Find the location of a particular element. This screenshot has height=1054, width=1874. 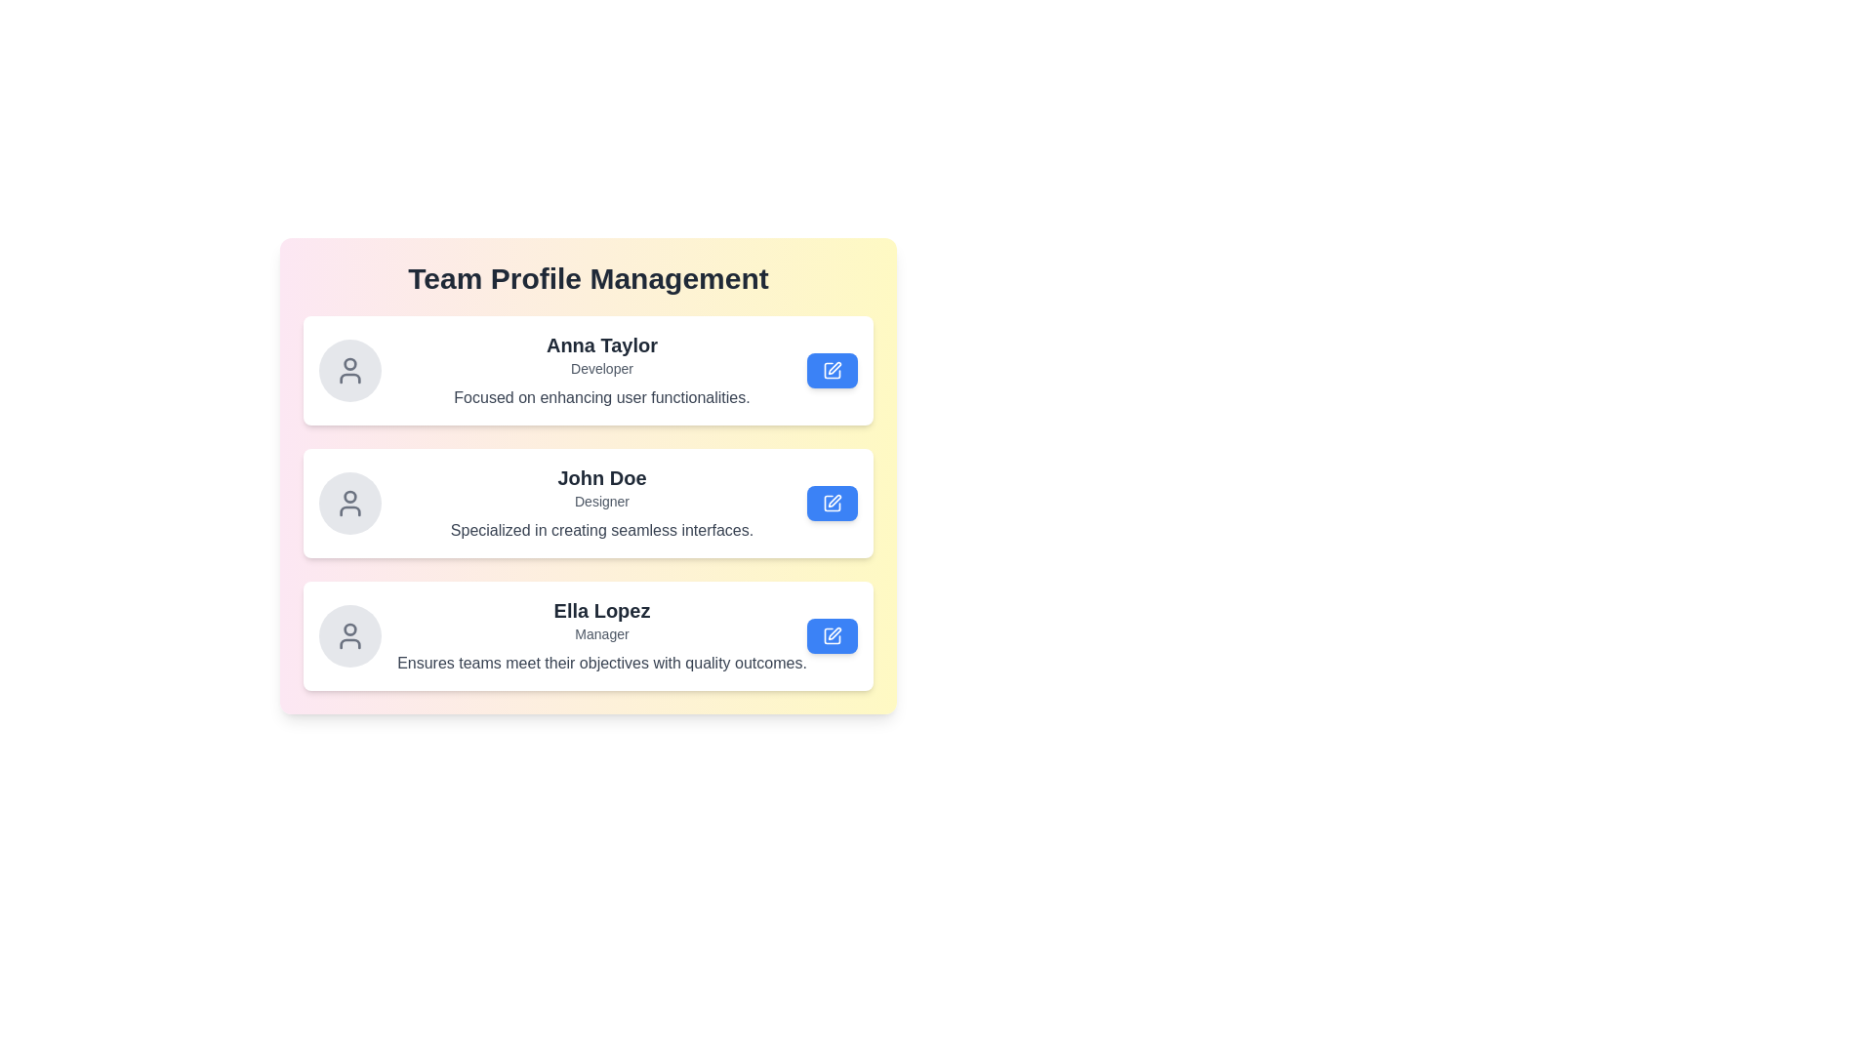

the text of the profile details for Ella Lopez is located at coordinates (396, 596).